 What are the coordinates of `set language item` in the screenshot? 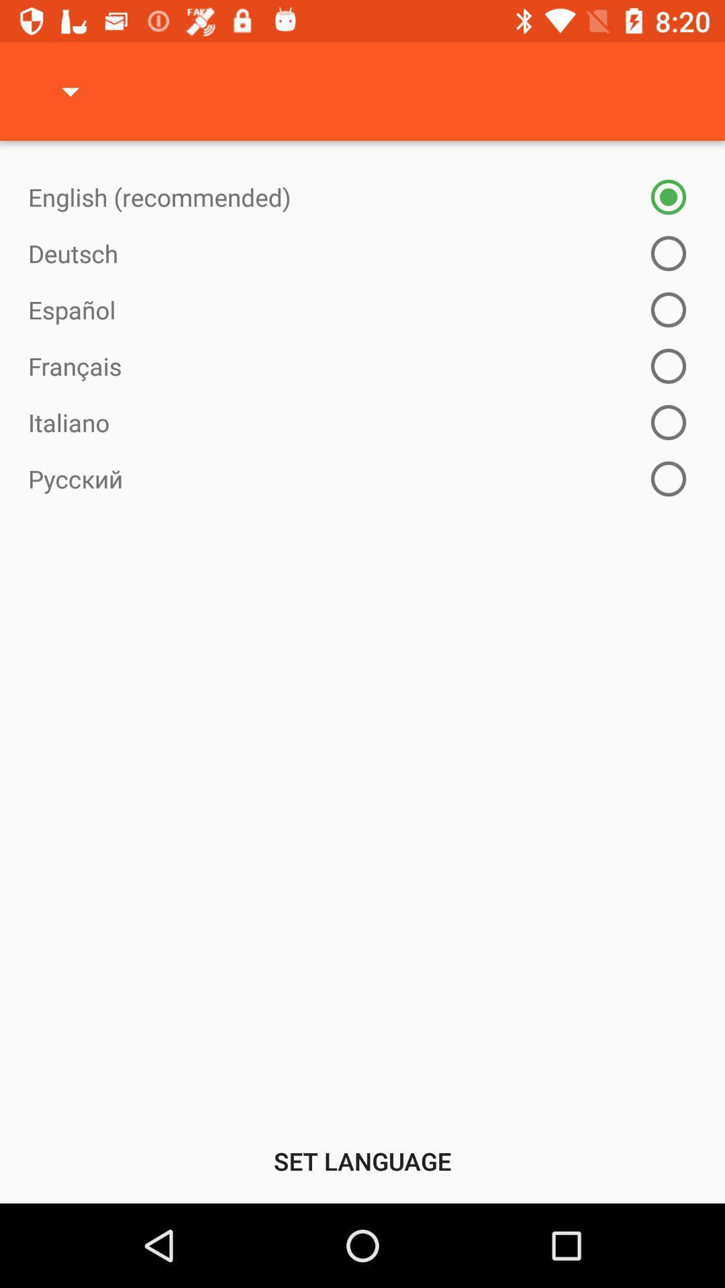 It's located at (362, 1161).